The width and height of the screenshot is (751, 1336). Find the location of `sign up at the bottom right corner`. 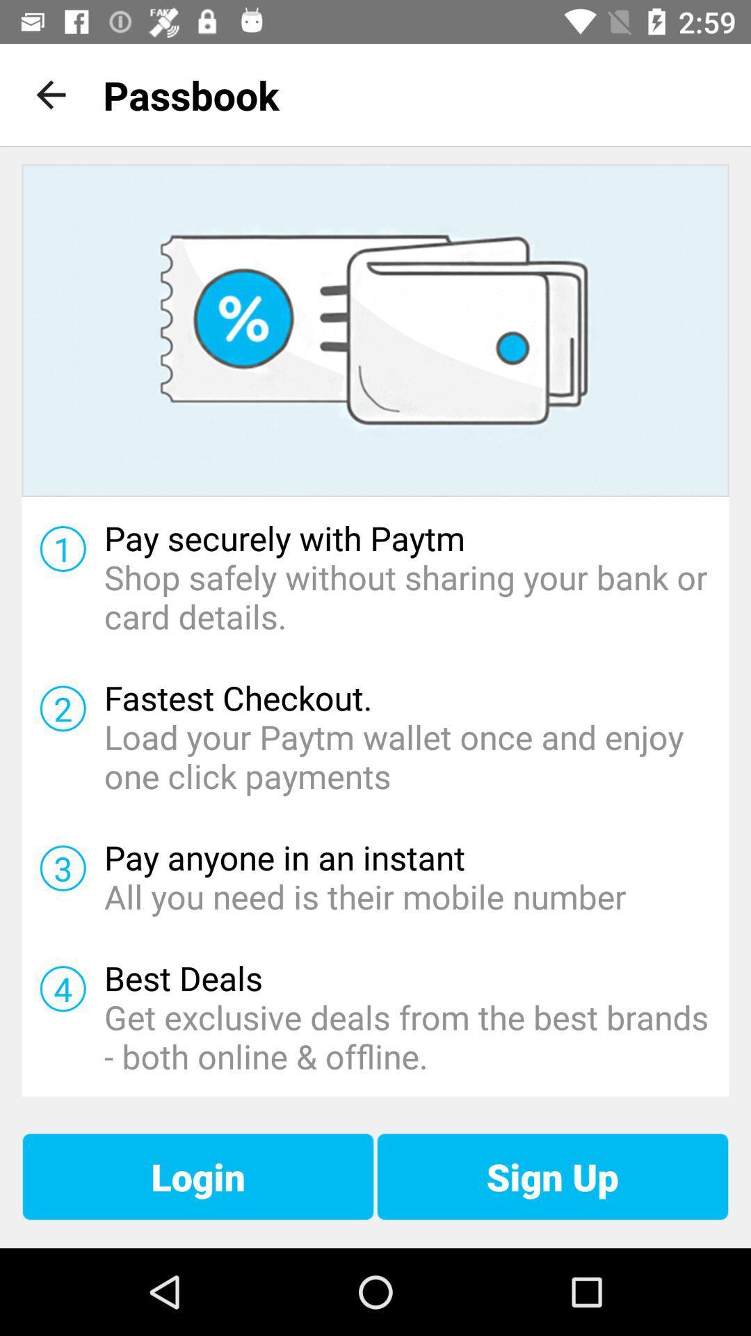

sign up at the bottom right corner is located at coordinates (551, 1176).